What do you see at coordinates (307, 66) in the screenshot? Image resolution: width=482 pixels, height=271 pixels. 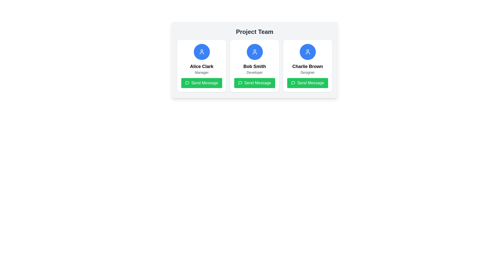 I see `the text element that identifies the name of the individual represented by the third card in a horizontal list, which also includes a subtitle stating 'Designer'` at bounding box center [307, 66].